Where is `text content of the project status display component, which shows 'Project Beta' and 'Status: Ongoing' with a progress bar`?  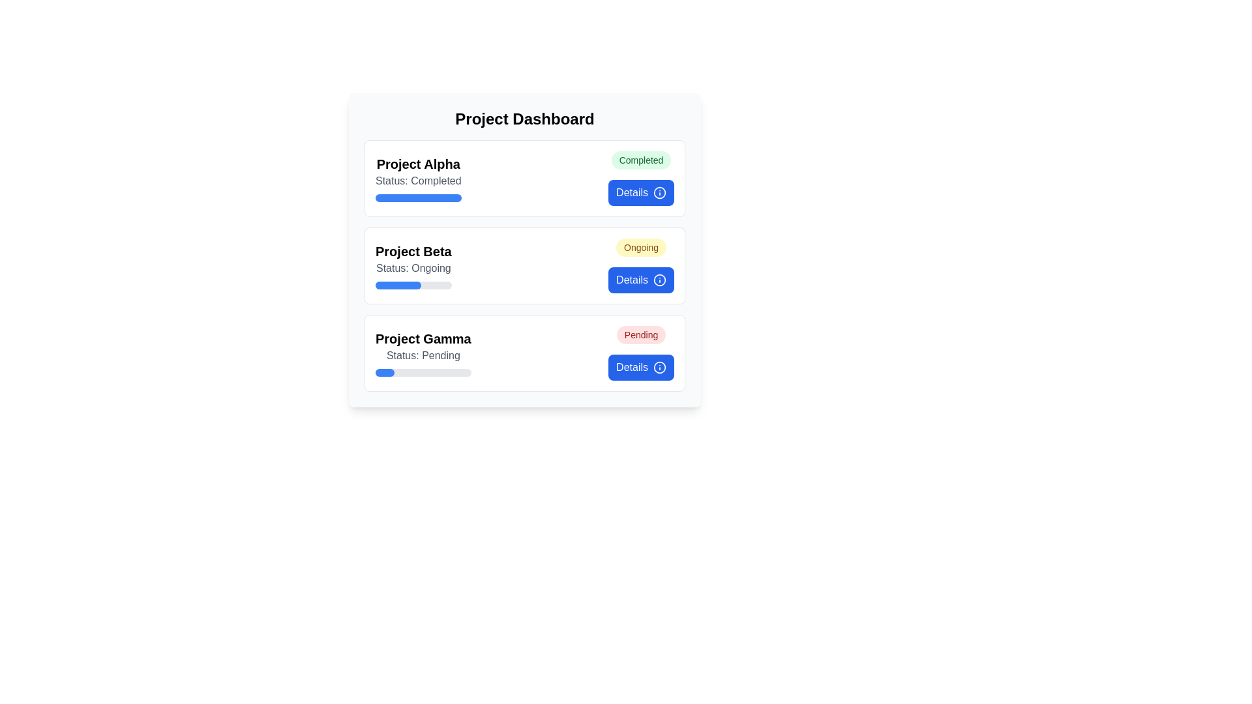 text content of the project status display component, which shows 'Project Beta' and 'Status: Ongoing' with a progress bar is located at coordinates (413, 265).